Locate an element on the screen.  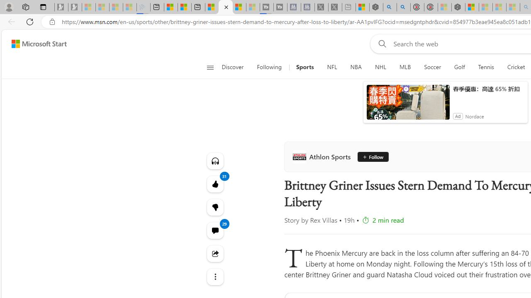
'Ad' is located at coordinates (457, 116).